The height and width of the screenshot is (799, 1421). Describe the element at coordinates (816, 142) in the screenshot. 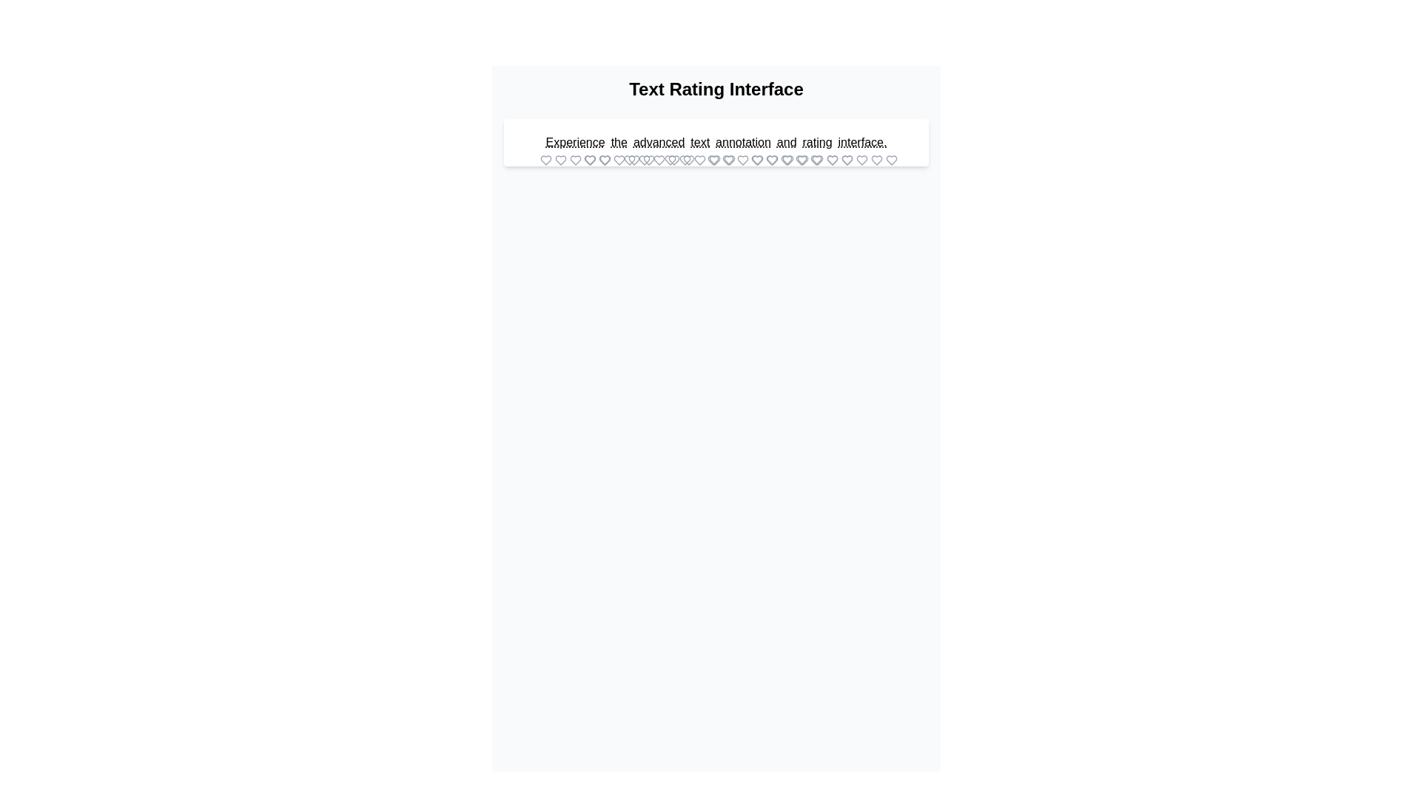

I see `the word rating to select it for rating` at that location.